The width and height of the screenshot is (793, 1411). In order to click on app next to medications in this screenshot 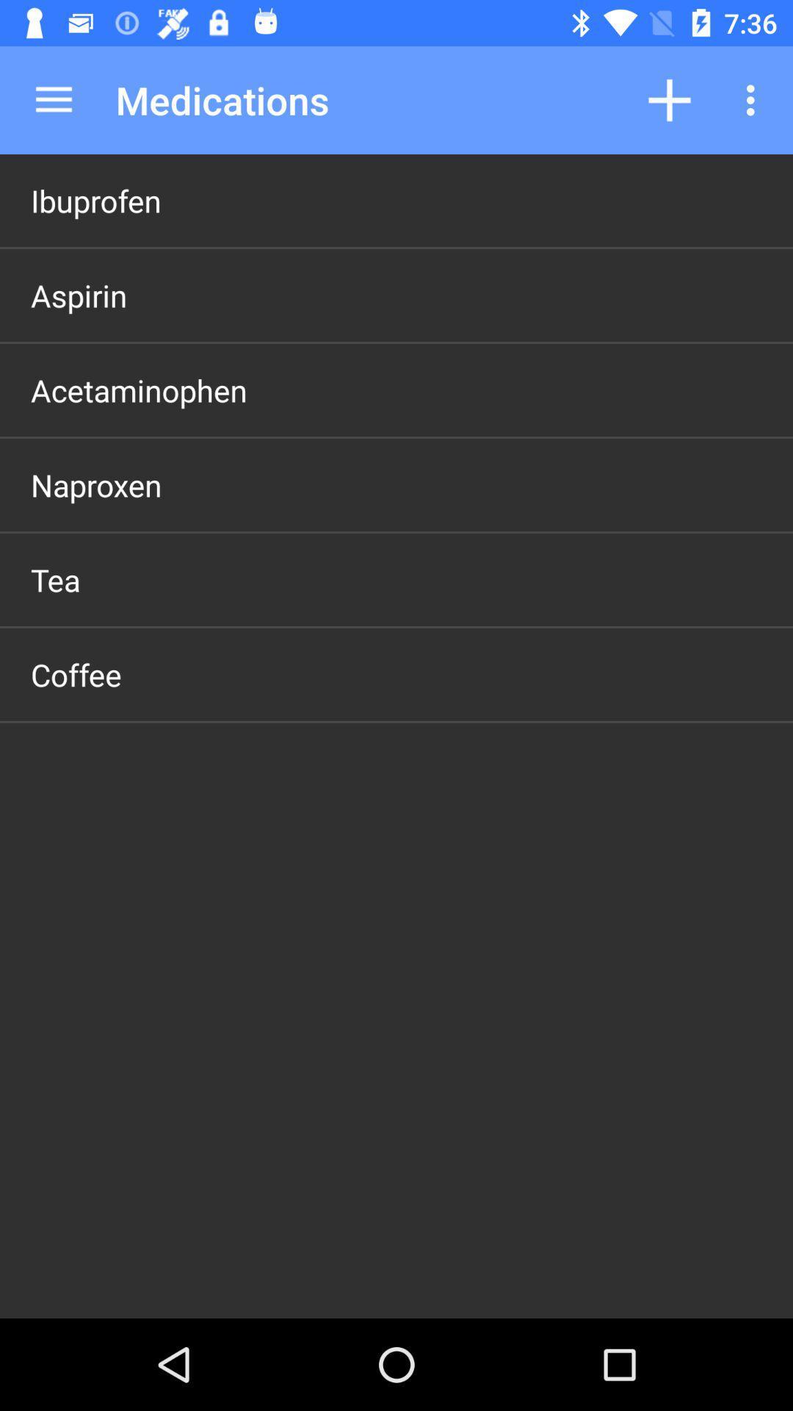, I will do `click(53, 99)`.